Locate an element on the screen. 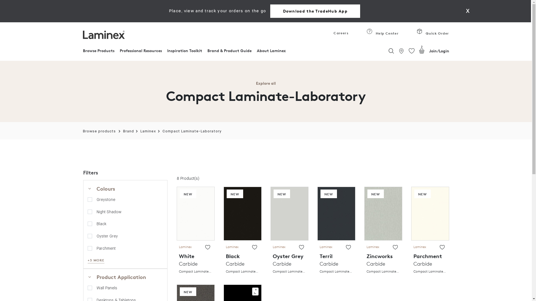 The image size is (536, 301). 'Search for products or content' is located at coordinates (391, 49).